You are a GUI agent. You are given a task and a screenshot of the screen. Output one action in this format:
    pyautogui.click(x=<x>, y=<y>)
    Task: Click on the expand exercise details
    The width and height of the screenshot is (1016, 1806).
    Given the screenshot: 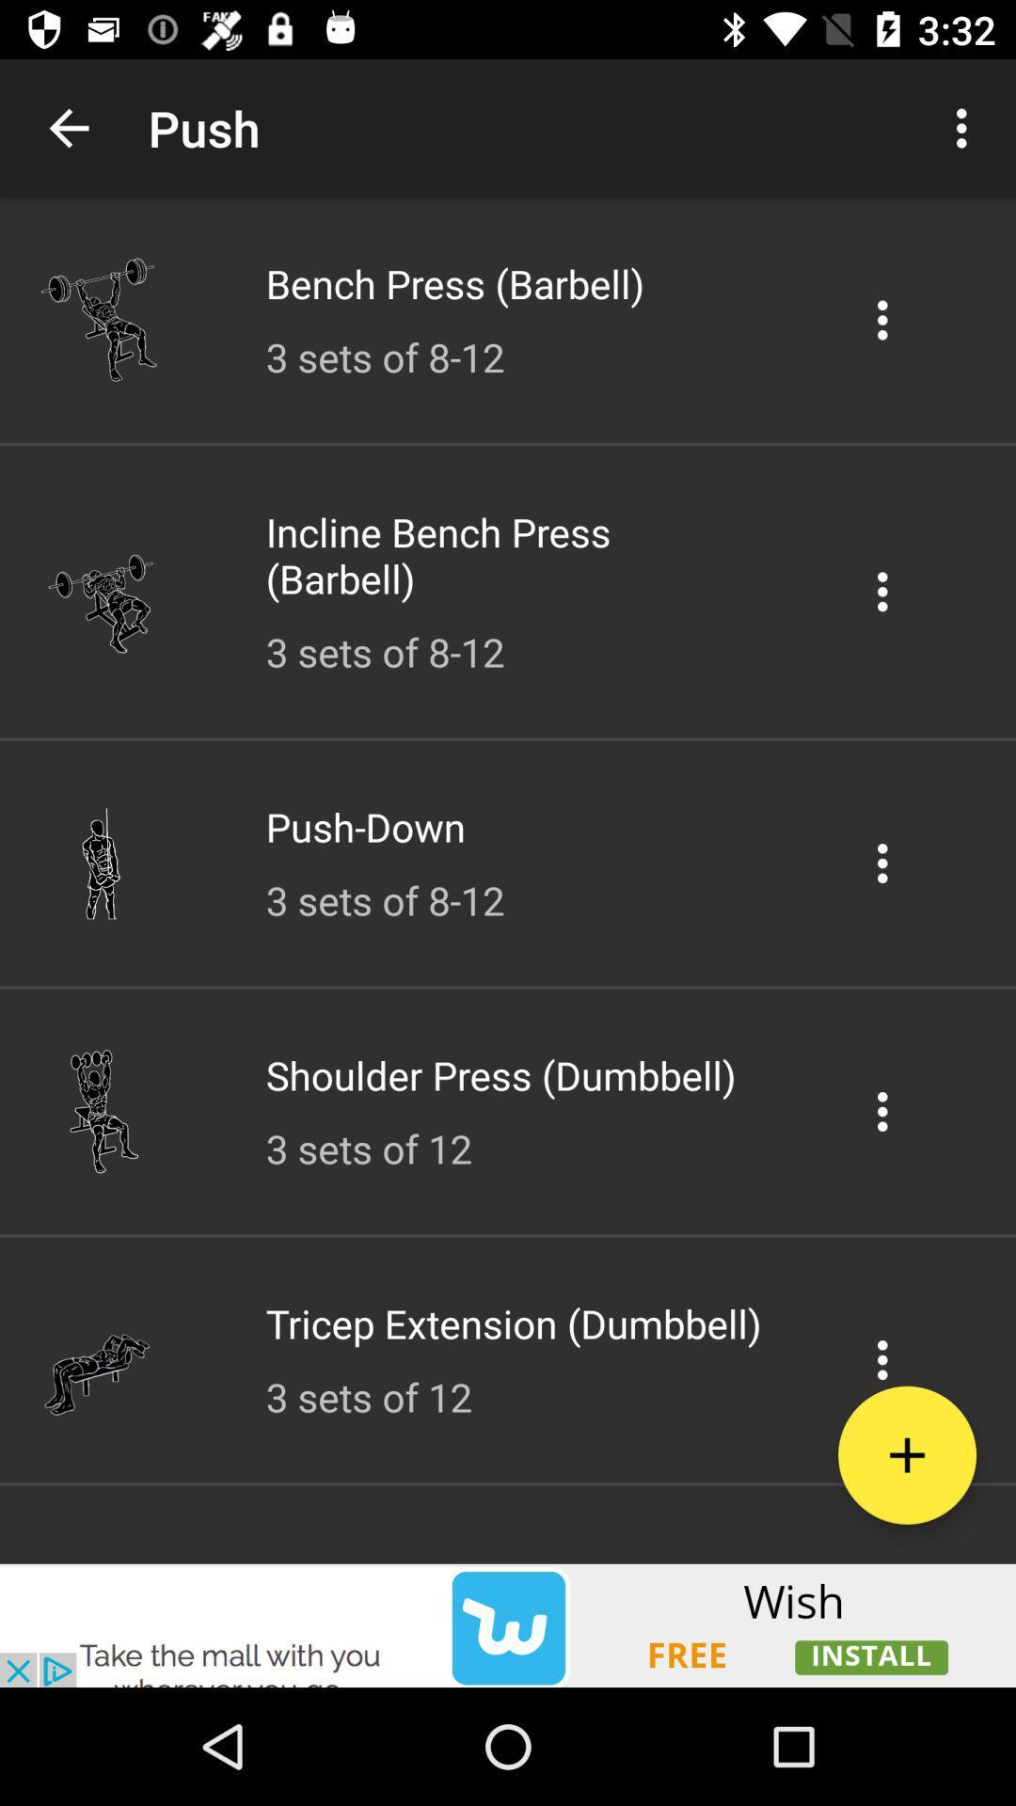 What is the action you would take?
    pyautogui.click(x=882, y=1359)
    